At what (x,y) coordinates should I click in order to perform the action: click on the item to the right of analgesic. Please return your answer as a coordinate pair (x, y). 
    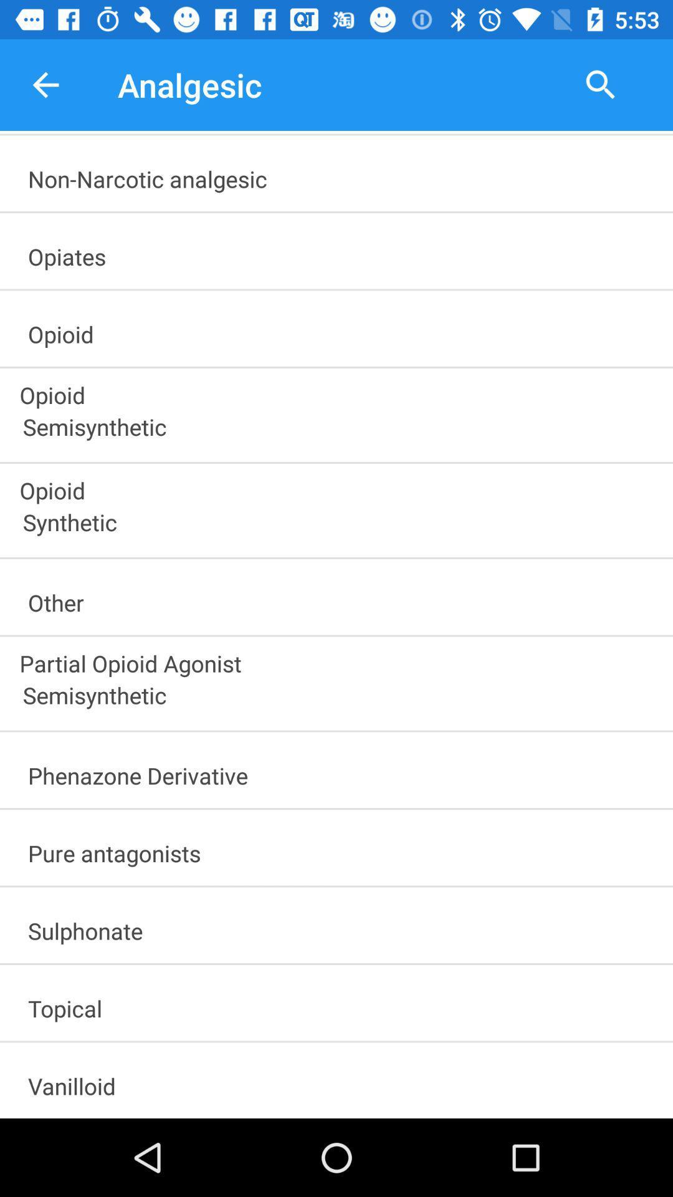
    Looking at the image, I should click on (600, 84).